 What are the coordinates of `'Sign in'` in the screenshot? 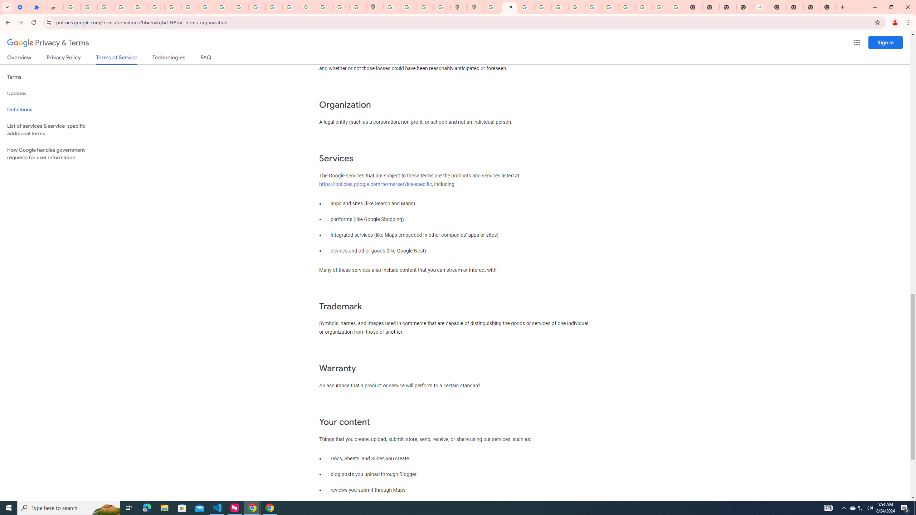 It's located at (885, 42).